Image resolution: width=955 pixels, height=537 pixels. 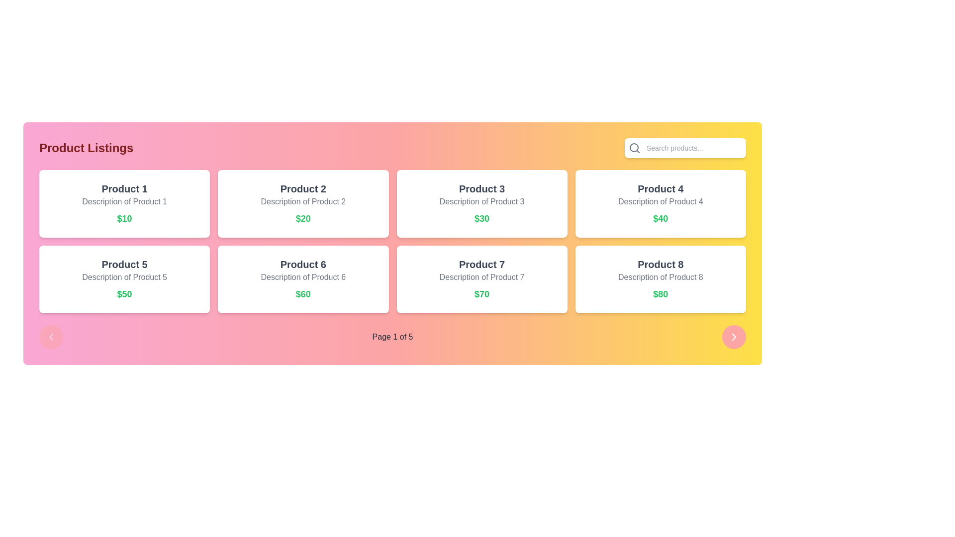 What do you see at coordinates (482, 279) in the screenshot?
I see `the product display card` at bounding box center [482, 279].